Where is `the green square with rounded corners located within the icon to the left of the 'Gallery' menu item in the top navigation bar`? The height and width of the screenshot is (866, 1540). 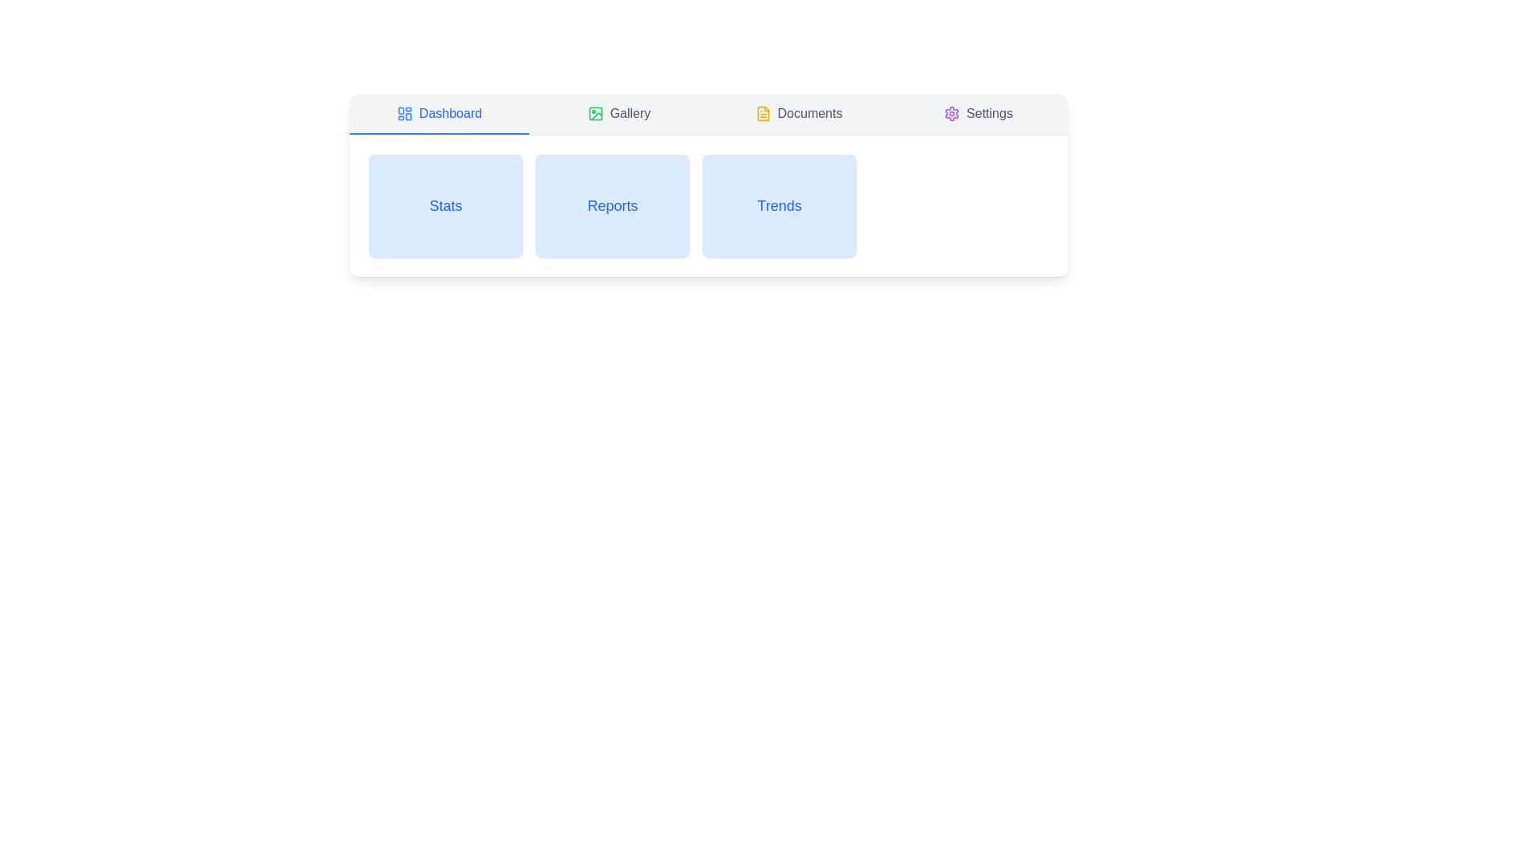 the green square with rounded corners located within the icon to the left of the 'Gallery' menu item in the top navigation bar is located at coordinates (594, 113).